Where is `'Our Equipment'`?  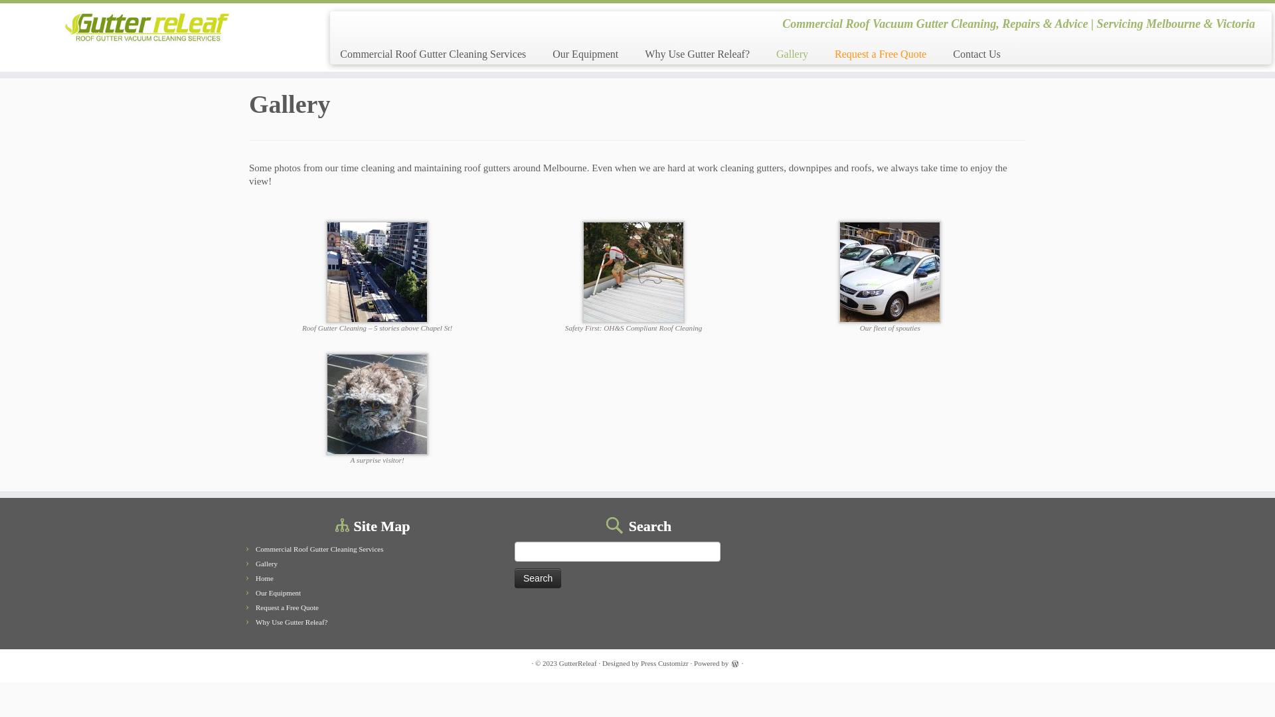
'Our Equipment' is located at coordinates (277, 592).